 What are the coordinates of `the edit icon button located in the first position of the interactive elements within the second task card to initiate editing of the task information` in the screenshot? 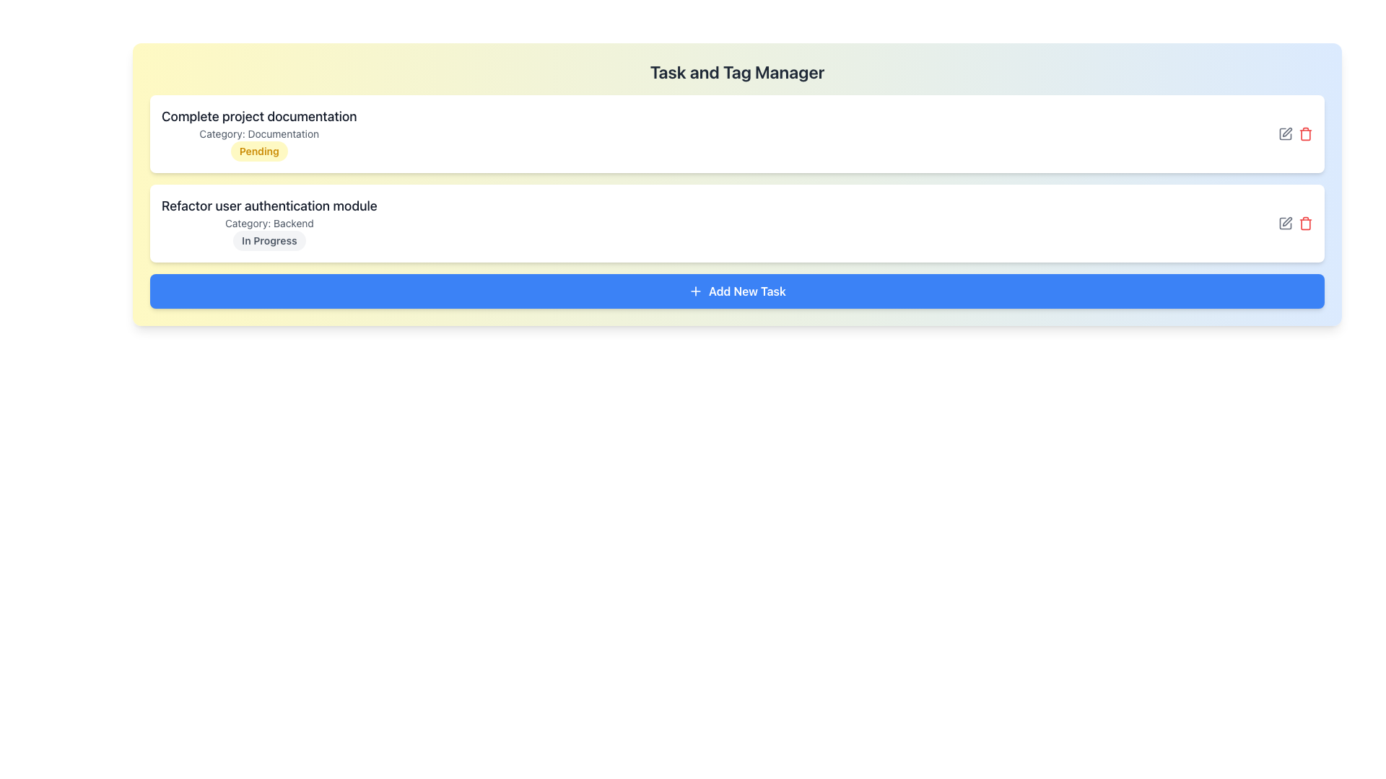 It's located at (1285, 133).